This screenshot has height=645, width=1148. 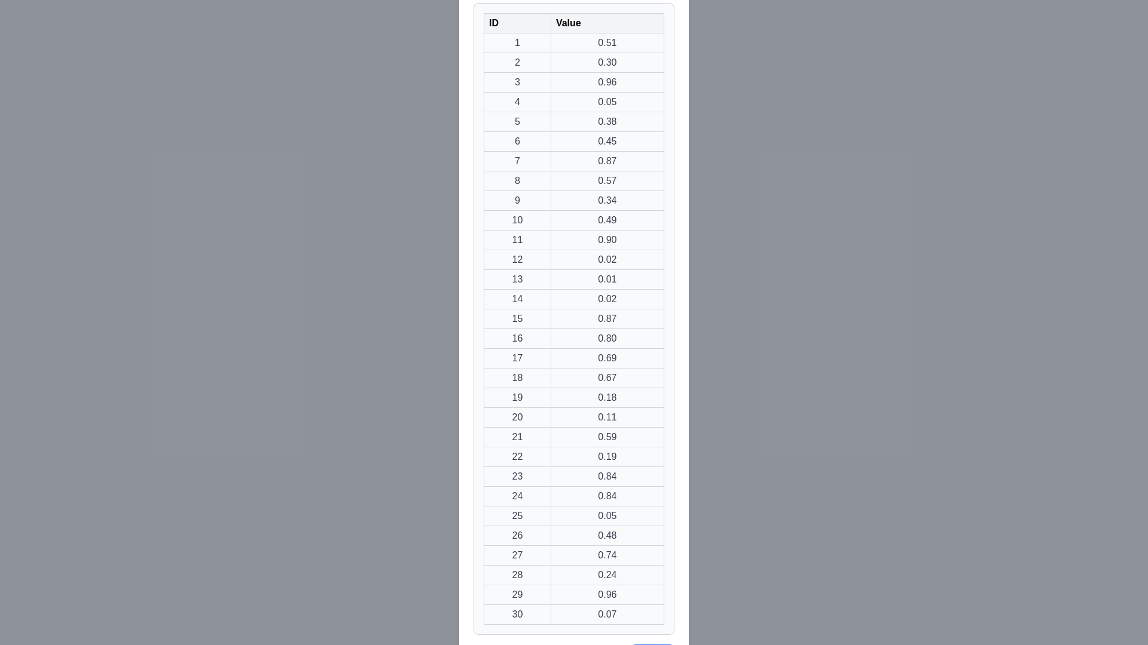 I want to click on the table to select all data, so click(x=574, y=318).